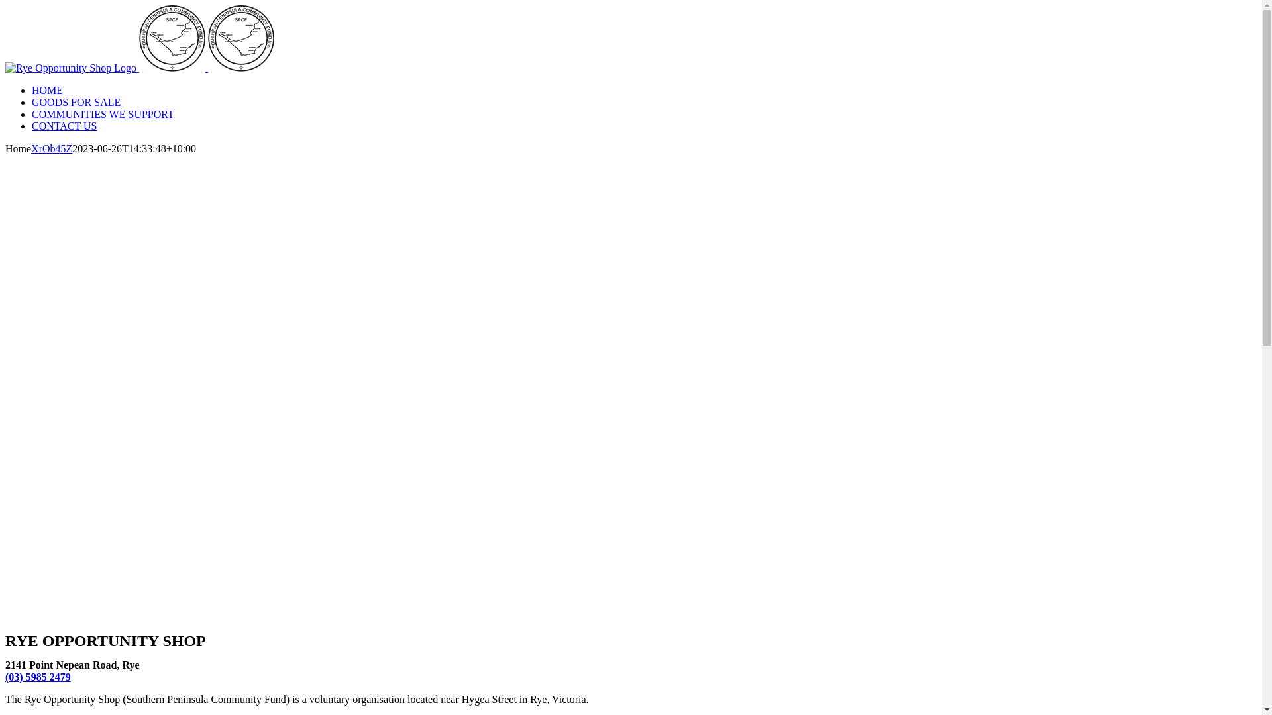 The width and height of the screenshot is (1272, 715). Describe the element at coordinates (38, 677) in the screenshot. I see `'(03) 5985 2479'` at that location.